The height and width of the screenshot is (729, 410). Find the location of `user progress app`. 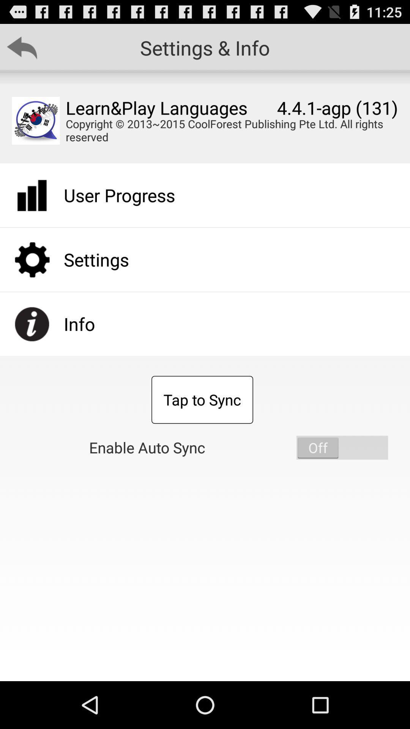

user progress app is located at coordinates (119, 195).